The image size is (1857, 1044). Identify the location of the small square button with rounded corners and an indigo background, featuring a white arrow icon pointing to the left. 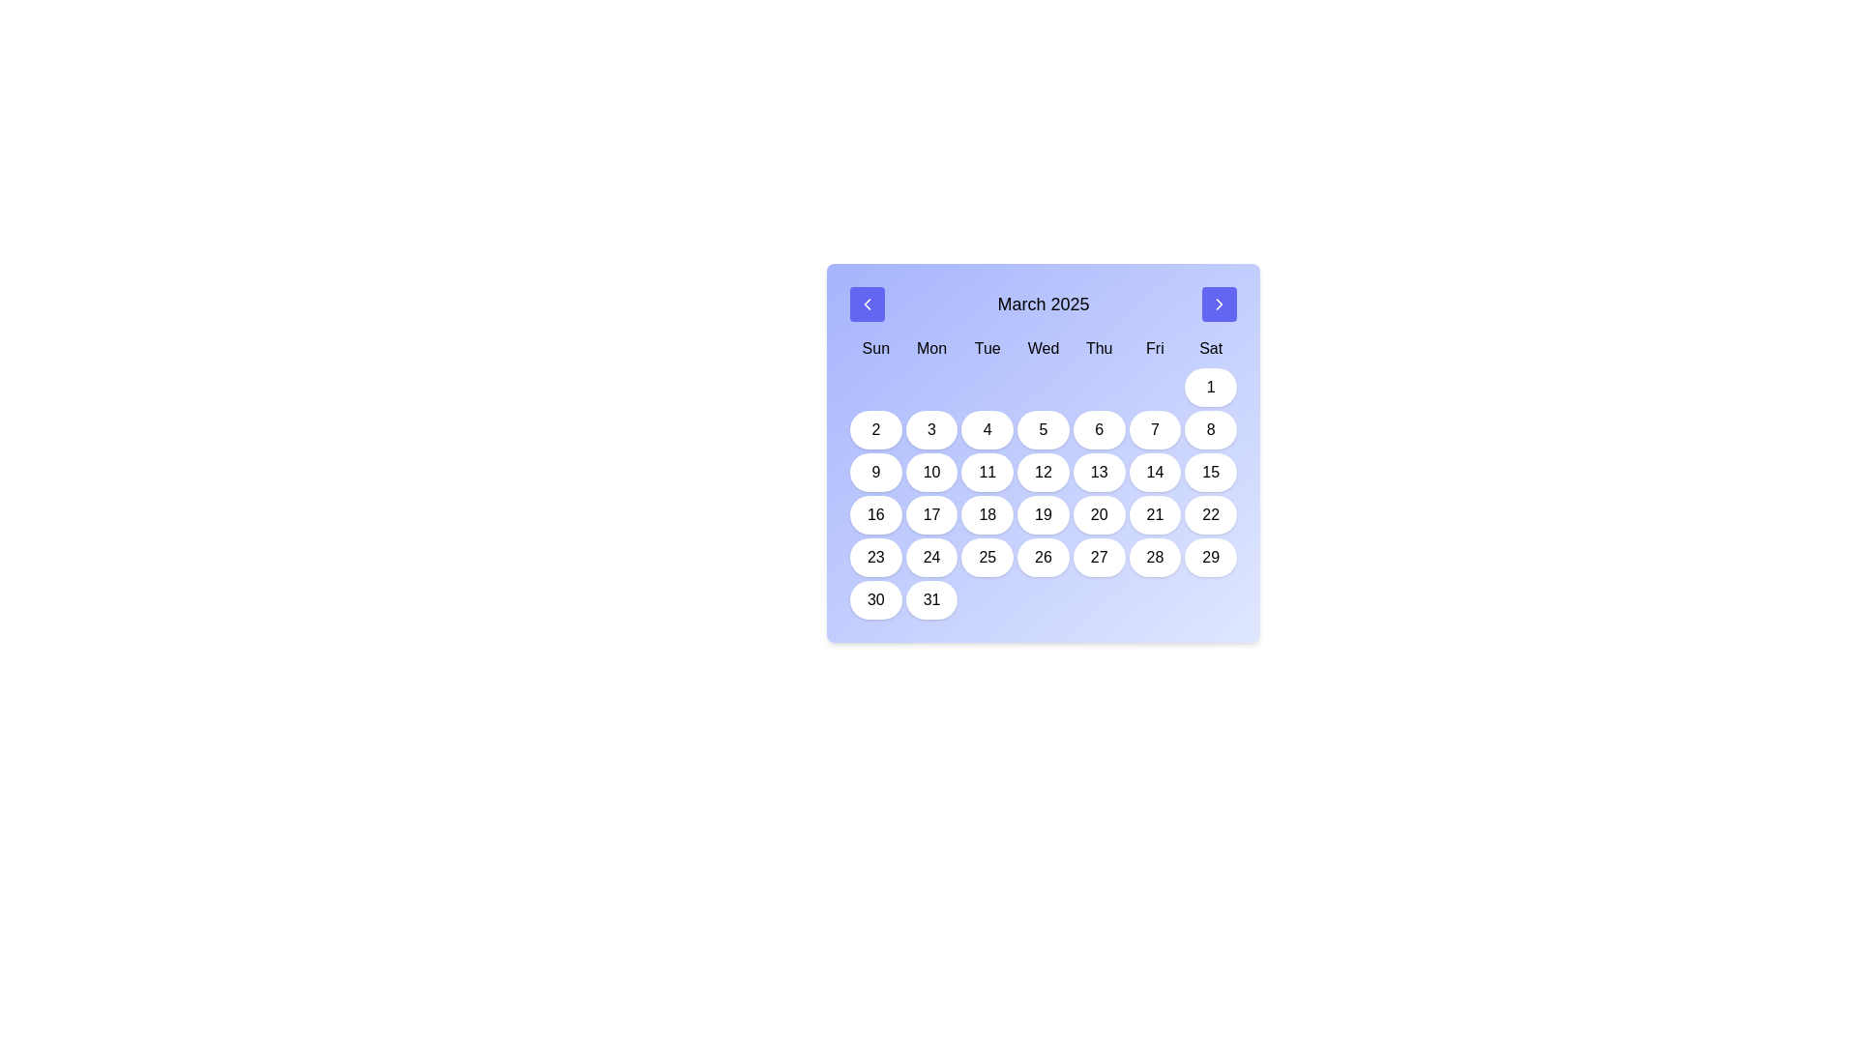
(867, 304).